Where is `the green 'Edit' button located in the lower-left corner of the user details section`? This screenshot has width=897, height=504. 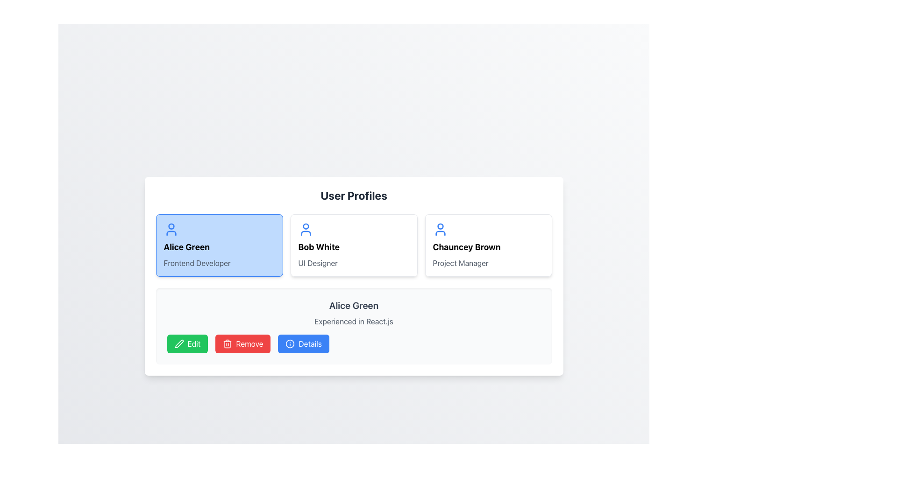
the green 'Edit' button located in the lower-left corner of the user details section is located at coordinates (187, 343).